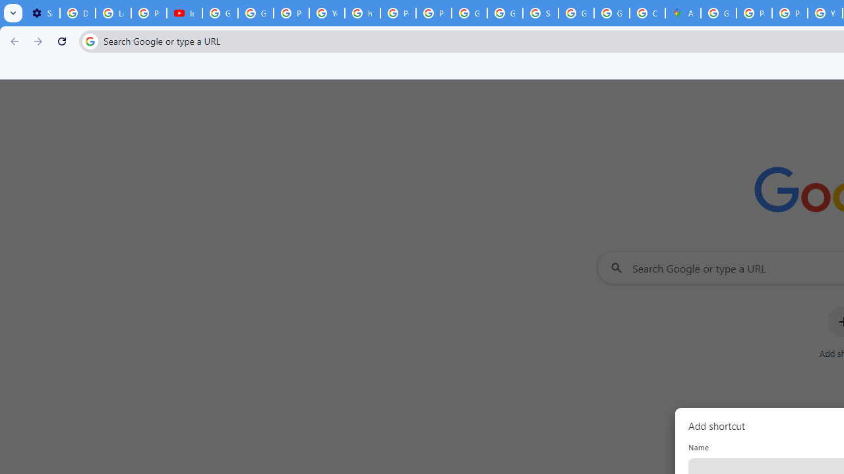 This screenshot has width=844, height=474. What do you see at coordinates (220, 13) in the screenshot?
I see `'Google Account Help'` at bounding box center [220, 13].